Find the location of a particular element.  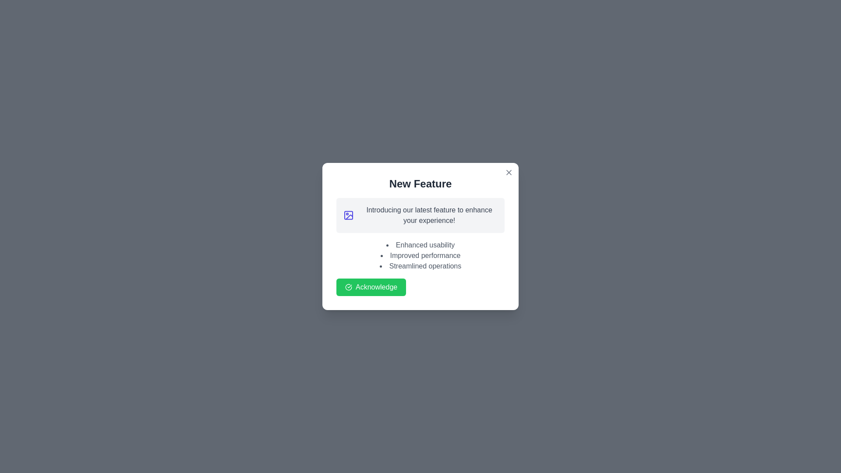

the third item in the vertical bullet list located in the bottom section of the modal dialog, which provides informational details about features or attributes is located at coordinates (420, 266).